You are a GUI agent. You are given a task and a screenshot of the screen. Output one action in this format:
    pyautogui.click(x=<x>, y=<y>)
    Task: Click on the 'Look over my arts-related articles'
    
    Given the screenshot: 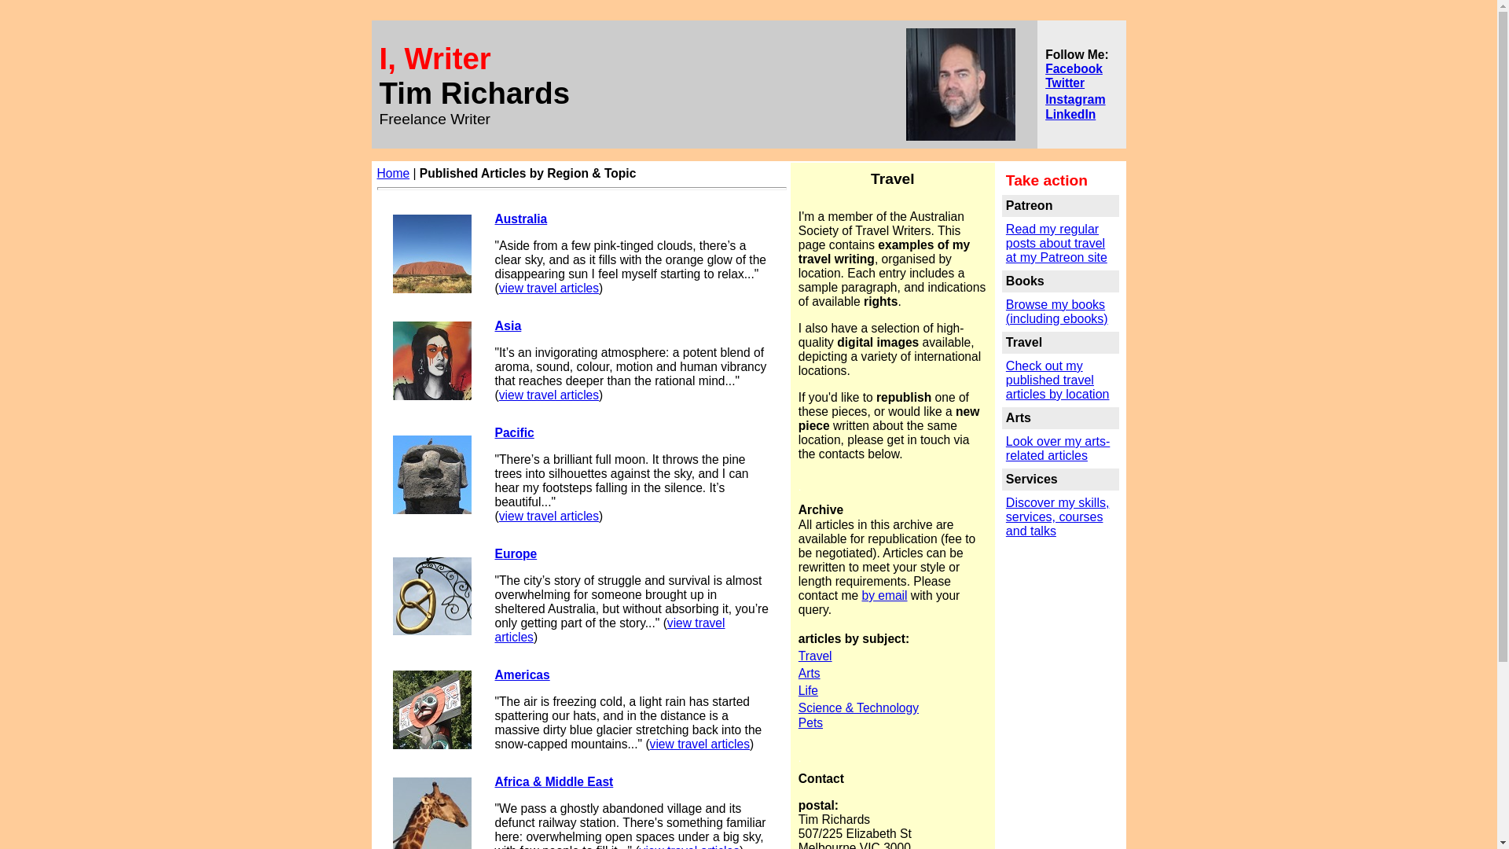 What is the action you would take?
    pyautogui.click(x=1057, y=448)
    